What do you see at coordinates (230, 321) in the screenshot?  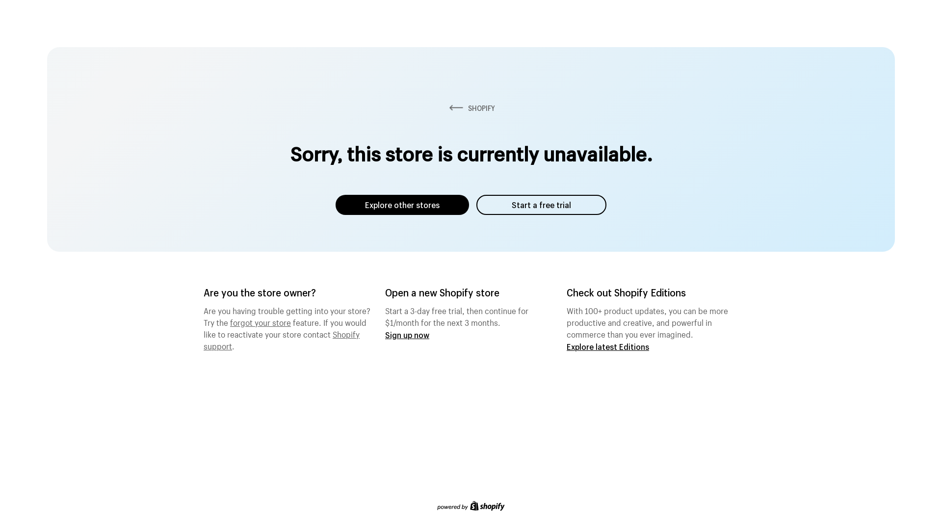 I see `'forgot your store'` at bounding box center [230, 321].